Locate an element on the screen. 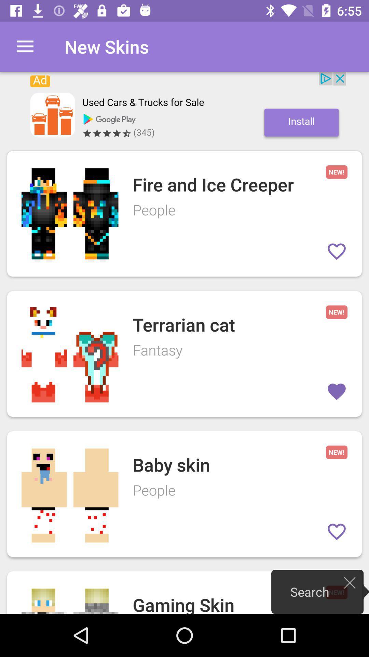  adv link is located at coordinates (184, 107).